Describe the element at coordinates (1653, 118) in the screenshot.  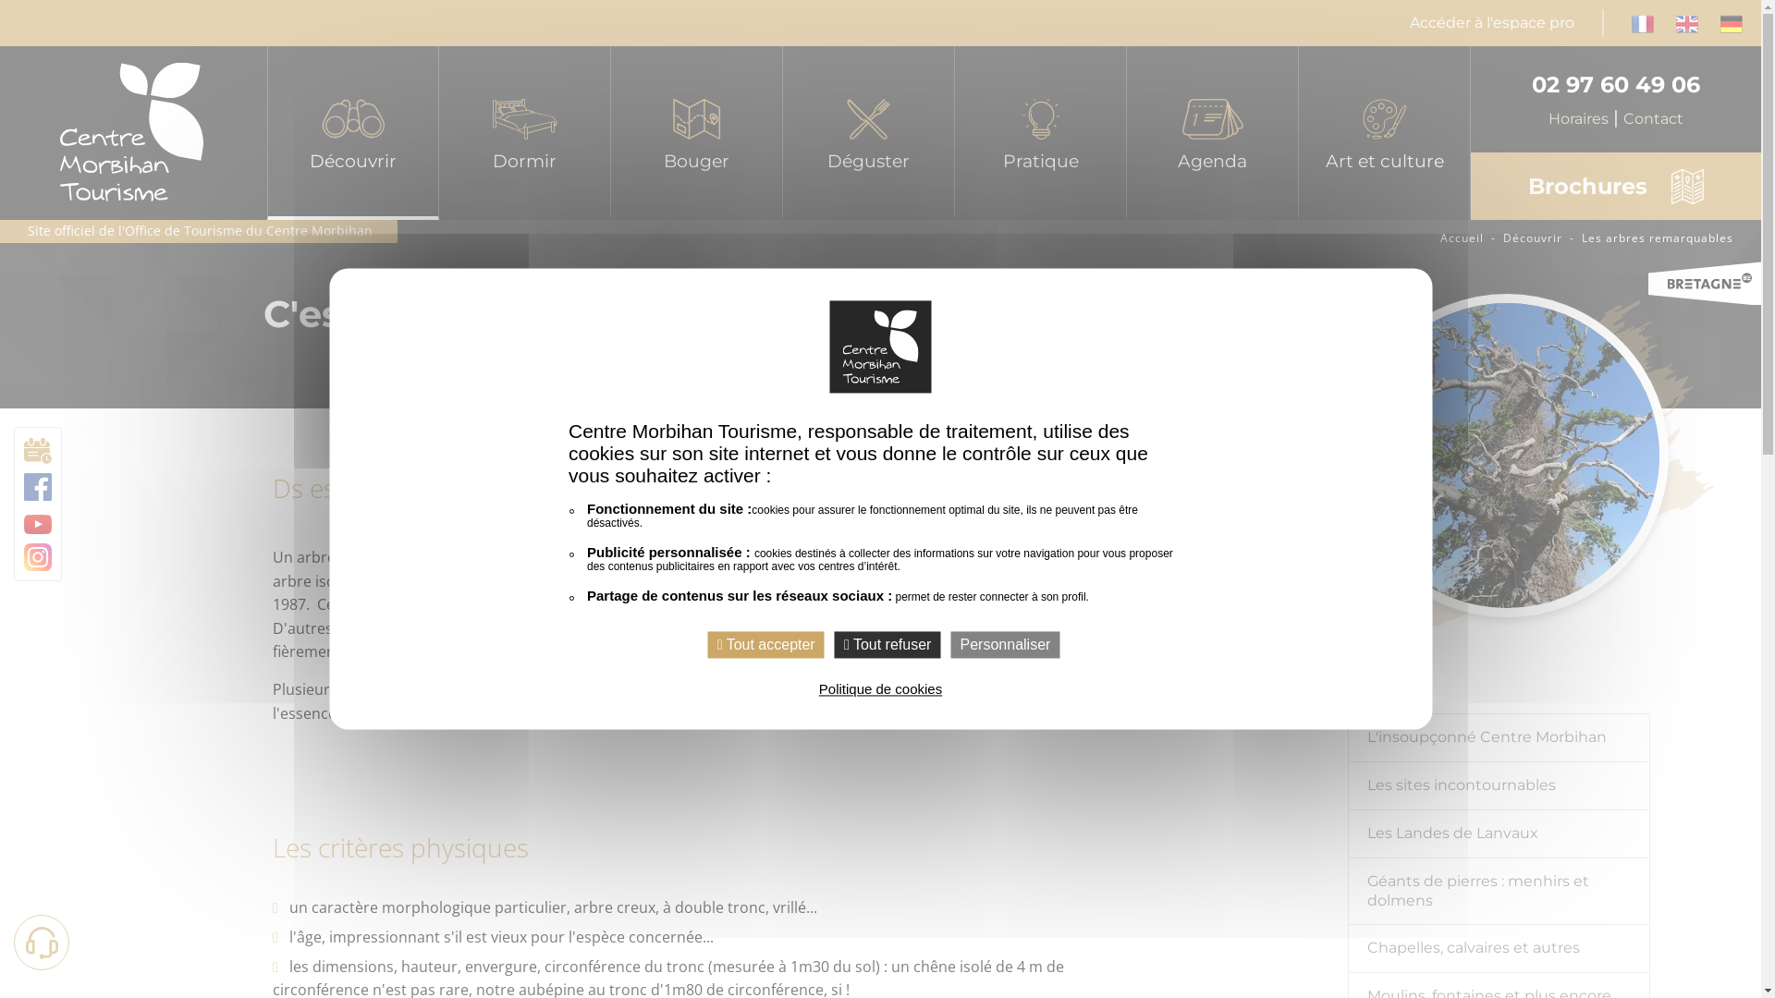
I see `'Contact'` at that location.